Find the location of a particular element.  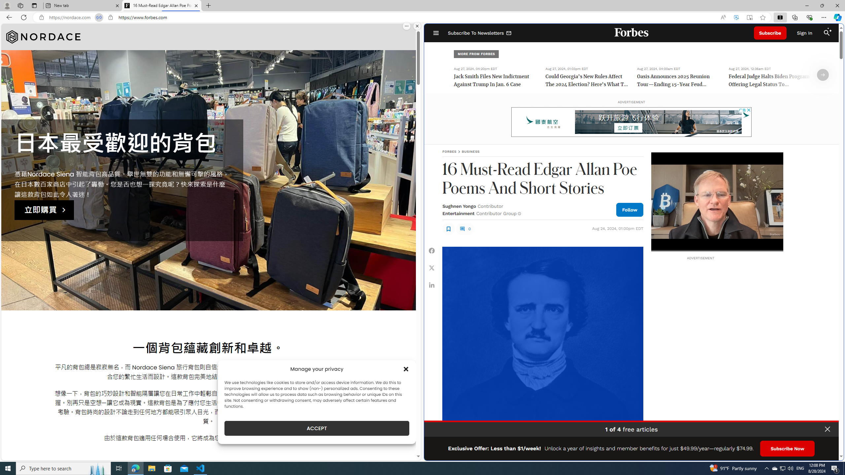

'Collections' is located at coordinates (794, 17).